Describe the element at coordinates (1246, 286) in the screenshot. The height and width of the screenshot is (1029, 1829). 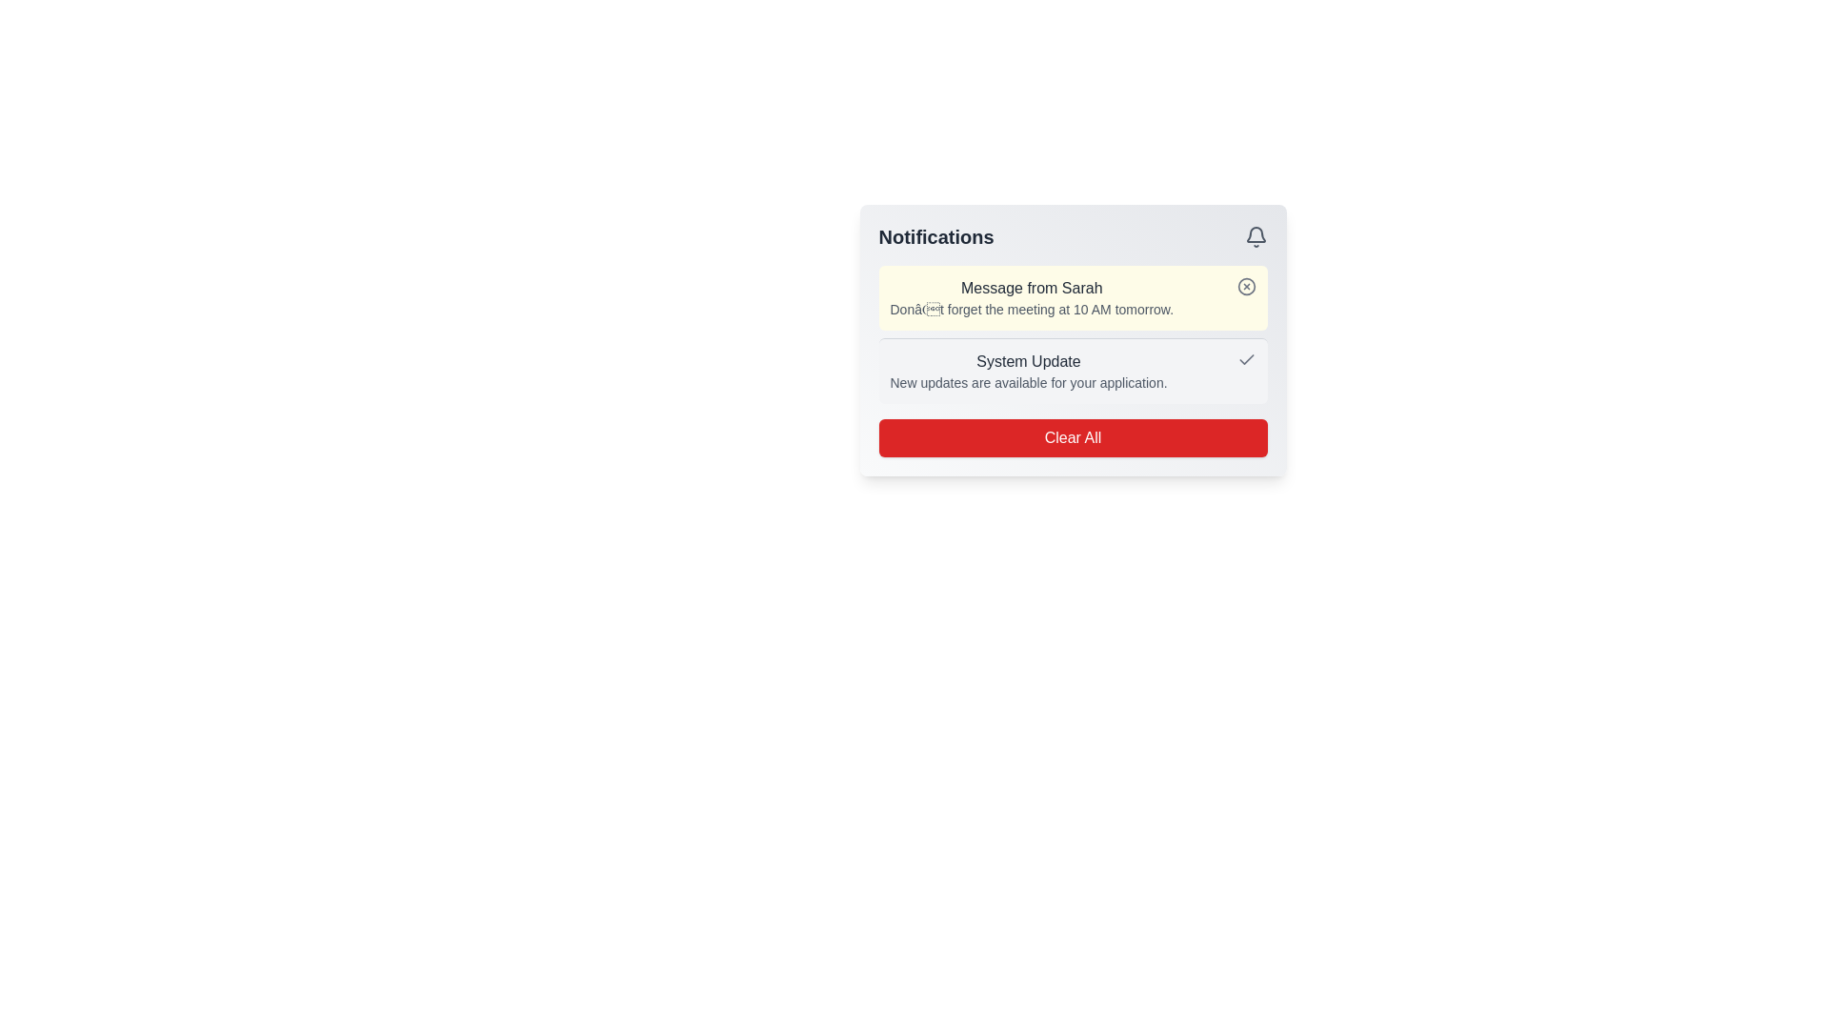
I see `the small circular button with a cross inside located at the top-right corner of the notification card displaying 'Message from Sarah'` at that location.